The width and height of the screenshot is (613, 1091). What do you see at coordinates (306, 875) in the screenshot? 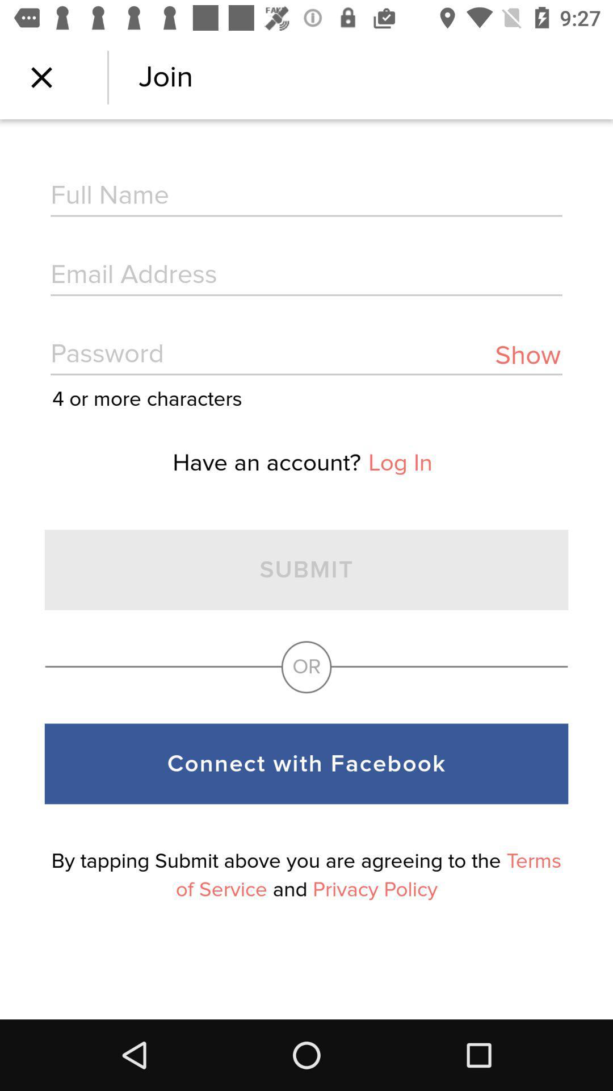
I see `icon below connect with facebook item` at bounding box center [306, 875].